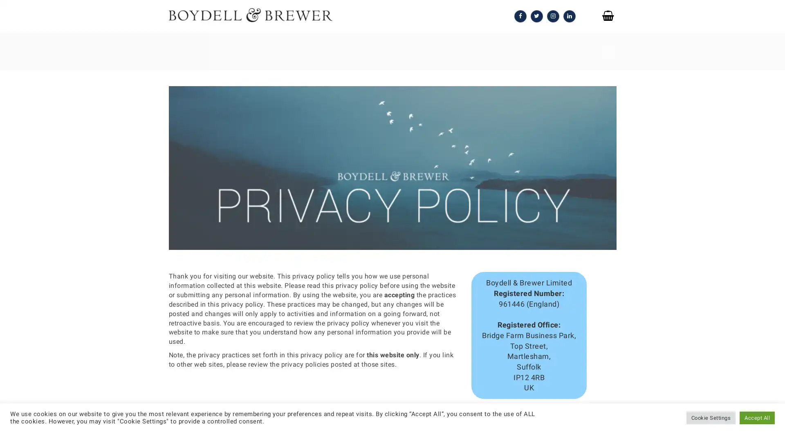  Describe the element at coordinates (592, 45) in the screenshot. I see `SEARCH` at that location.